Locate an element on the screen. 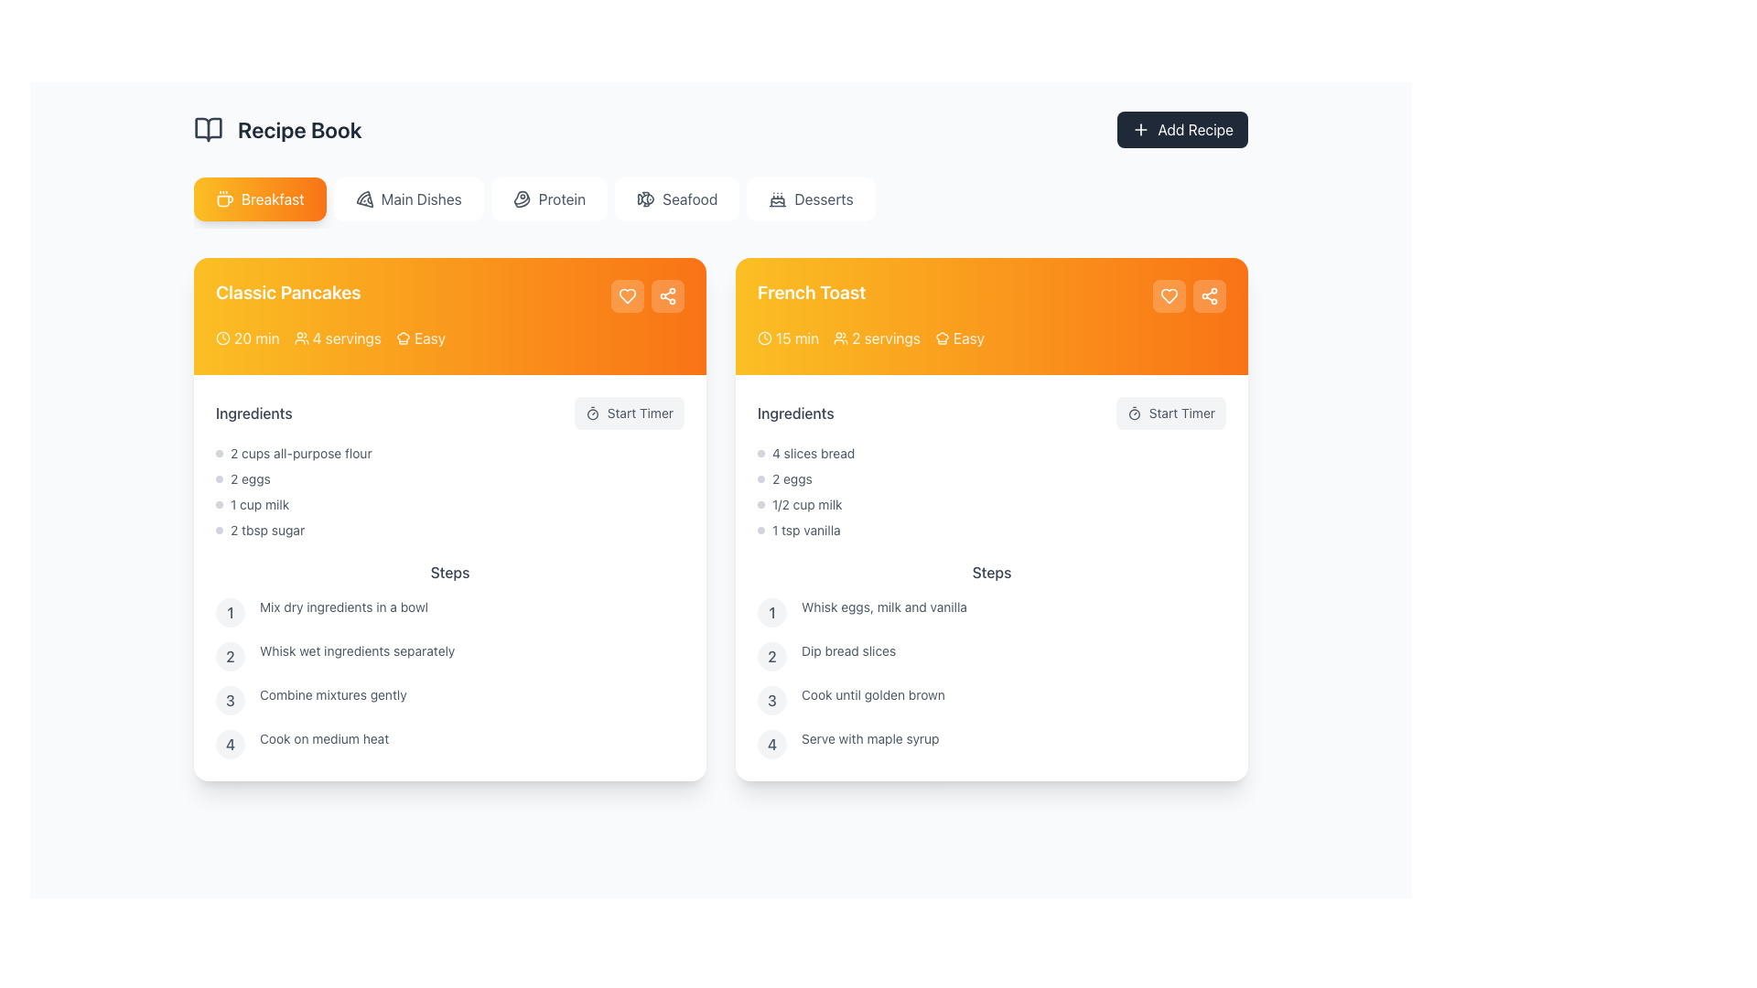  the first circular label indicating the first step in the recipe's process within the 'Steps' section of the 'Classic Pancakes' recipe card is located at coordinates (230, 613).